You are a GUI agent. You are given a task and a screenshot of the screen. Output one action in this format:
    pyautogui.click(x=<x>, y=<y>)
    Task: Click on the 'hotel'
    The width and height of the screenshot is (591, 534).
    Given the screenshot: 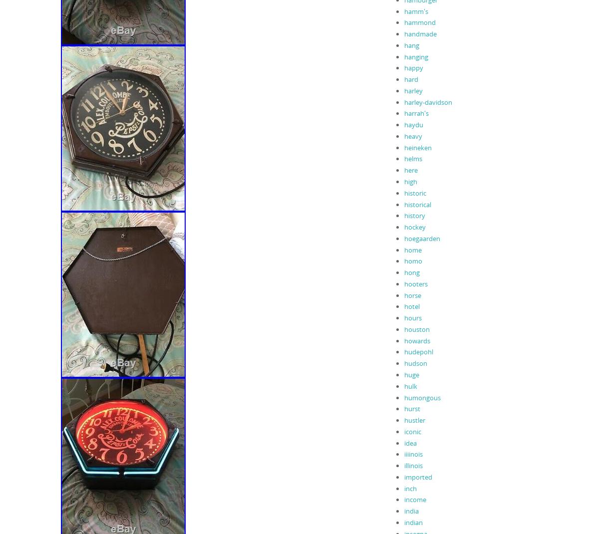 What is the action you would take?
    pyautogui.click(x=411, y=305)
    